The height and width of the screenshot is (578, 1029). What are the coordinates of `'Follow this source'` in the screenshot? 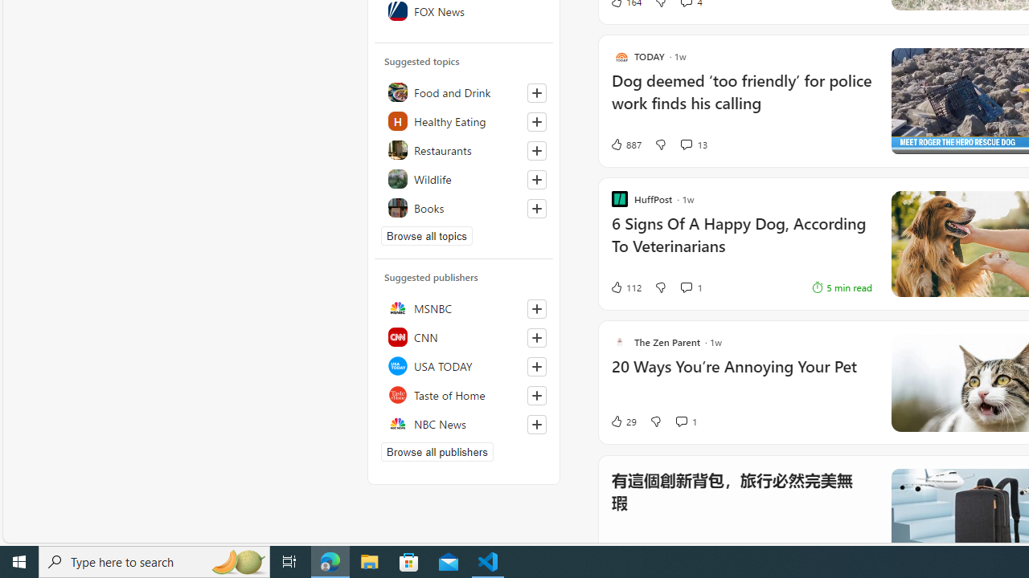 It's located at (537, 423).